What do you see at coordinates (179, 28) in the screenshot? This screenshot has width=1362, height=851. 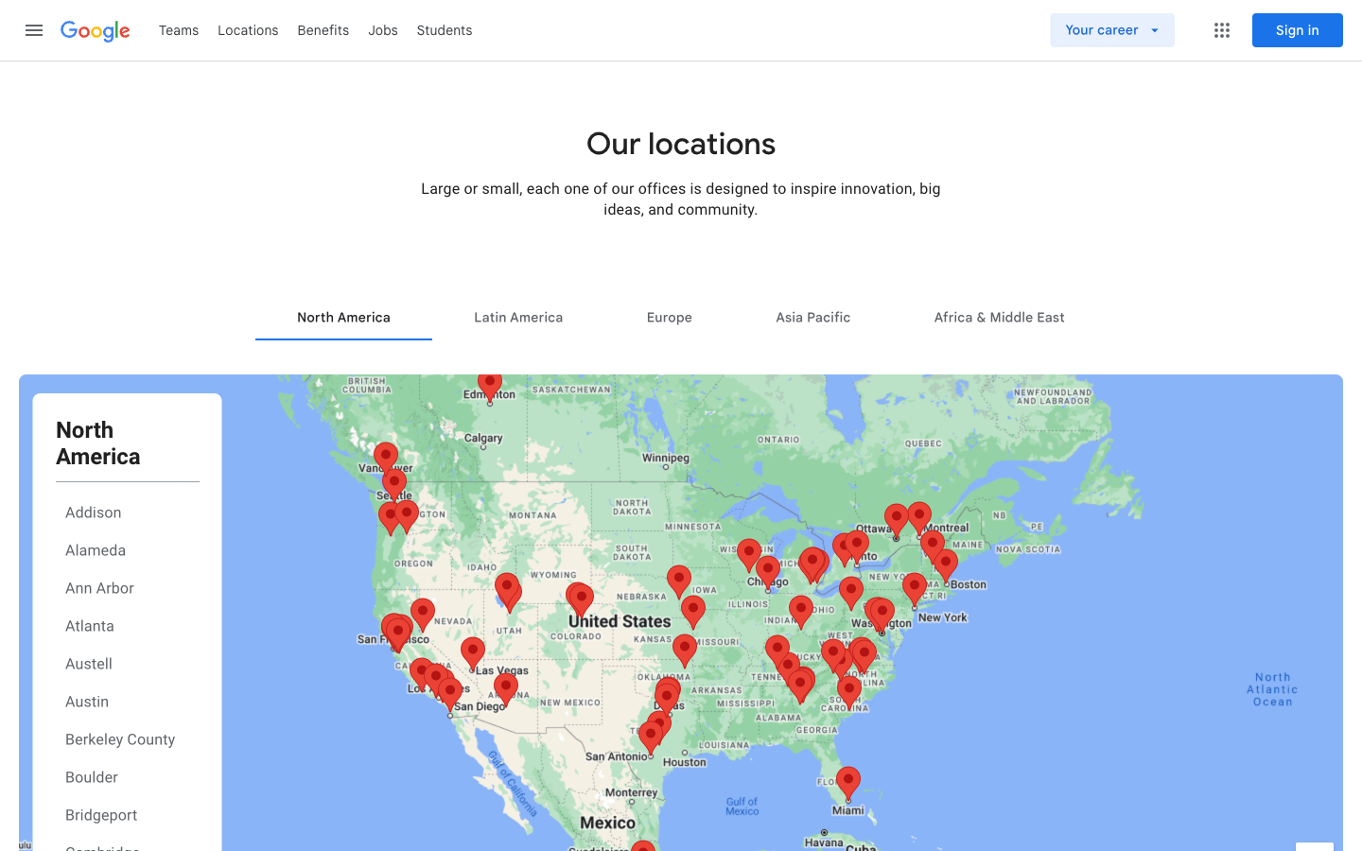 I see `Redirect to Team` at bounding box center [179, 28].